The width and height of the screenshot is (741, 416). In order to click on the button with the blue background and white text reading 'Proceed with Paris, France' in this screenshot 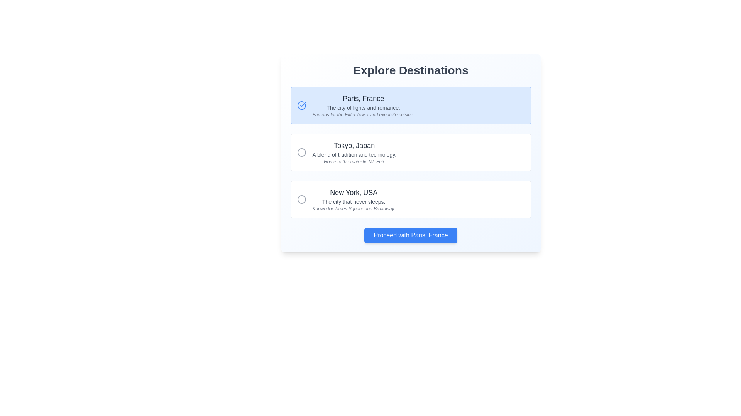, I will do `click(410, 235)`.